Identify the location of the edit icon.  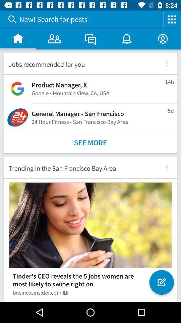
(161, 282).